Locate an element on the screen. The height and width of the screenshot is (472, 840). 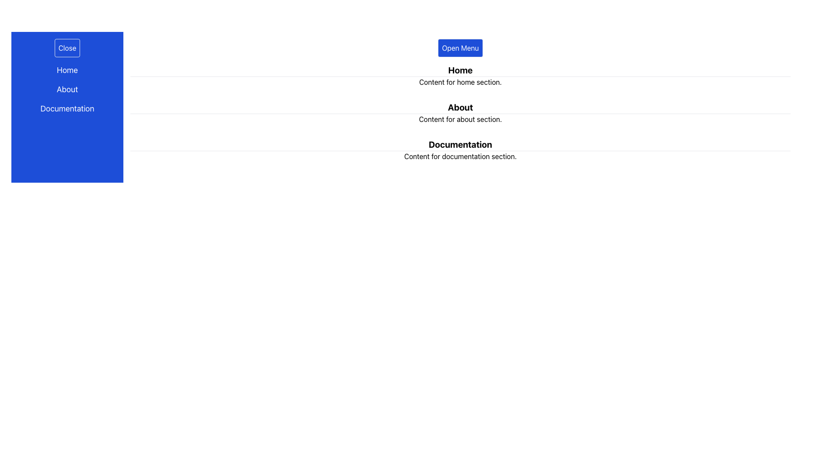
the 'Documentation' text link in the vertical navigation menu is located at coordinates (66, 108).